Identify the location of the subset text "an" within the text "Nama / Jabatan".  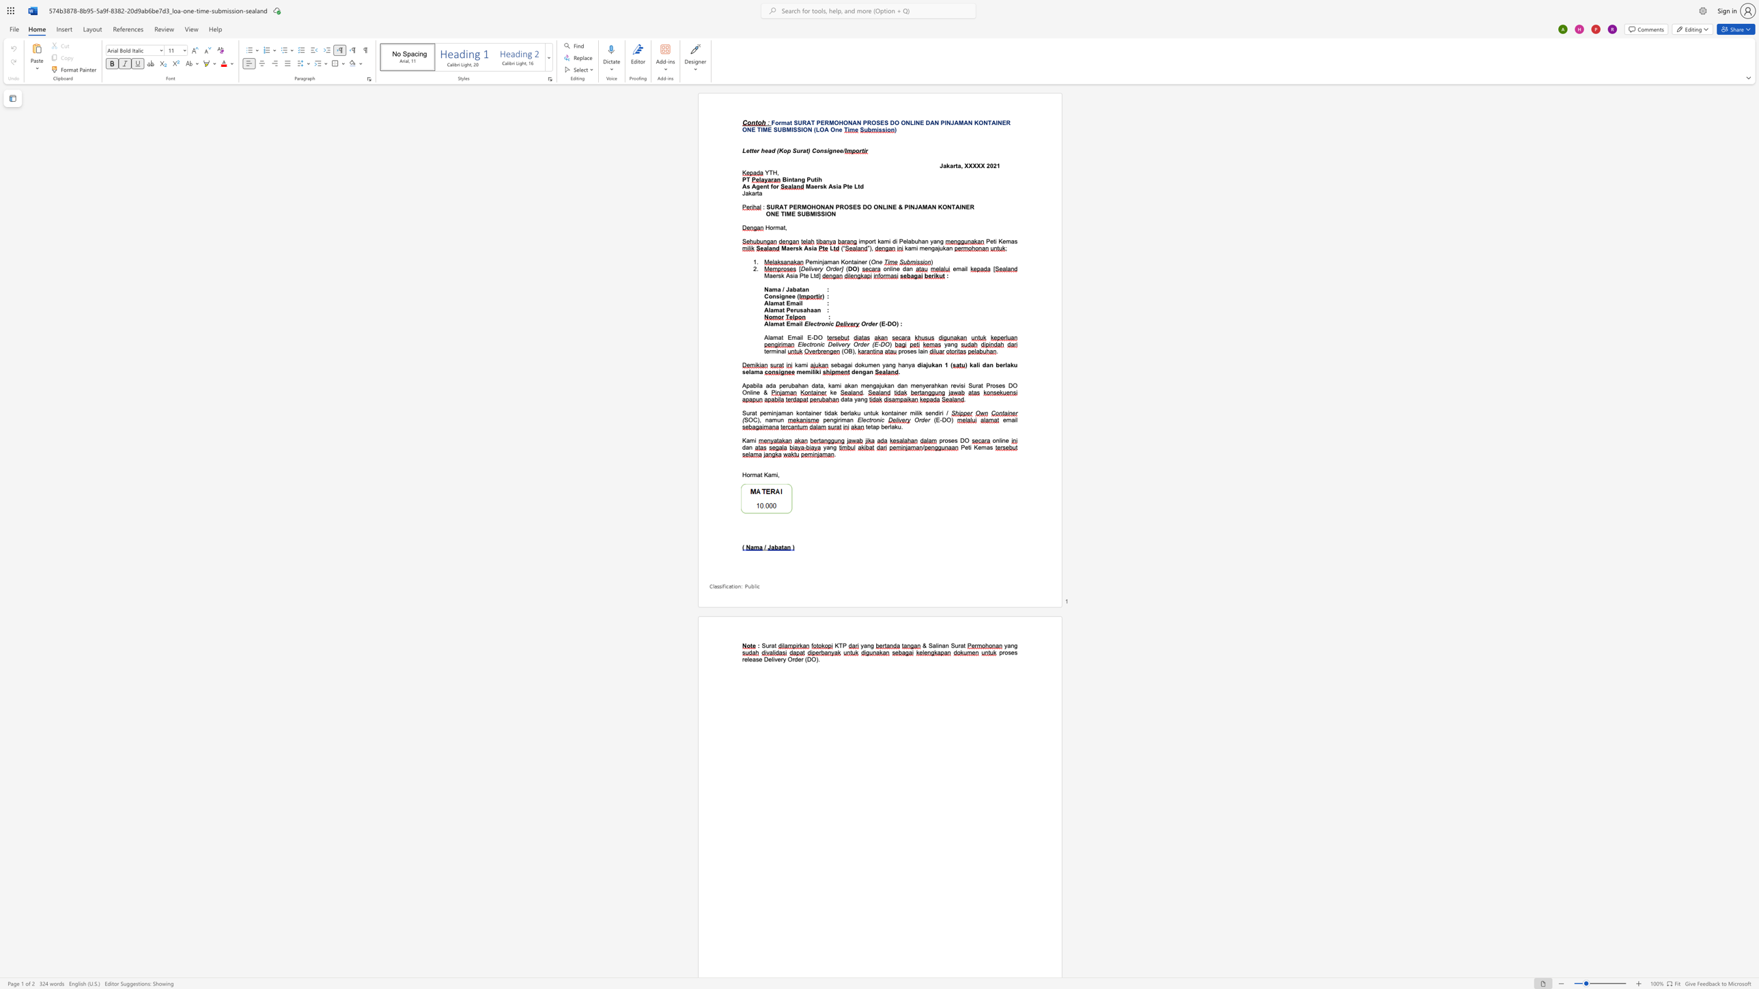
(801, 289).